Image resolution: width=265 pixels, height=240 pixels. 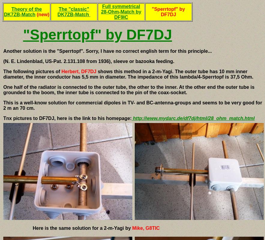 What do you see at coordinates (97, 34) in the screenshot?
I see `'"Sperrtopf" by
DF7DJ'` at bounding box center [97, 34].